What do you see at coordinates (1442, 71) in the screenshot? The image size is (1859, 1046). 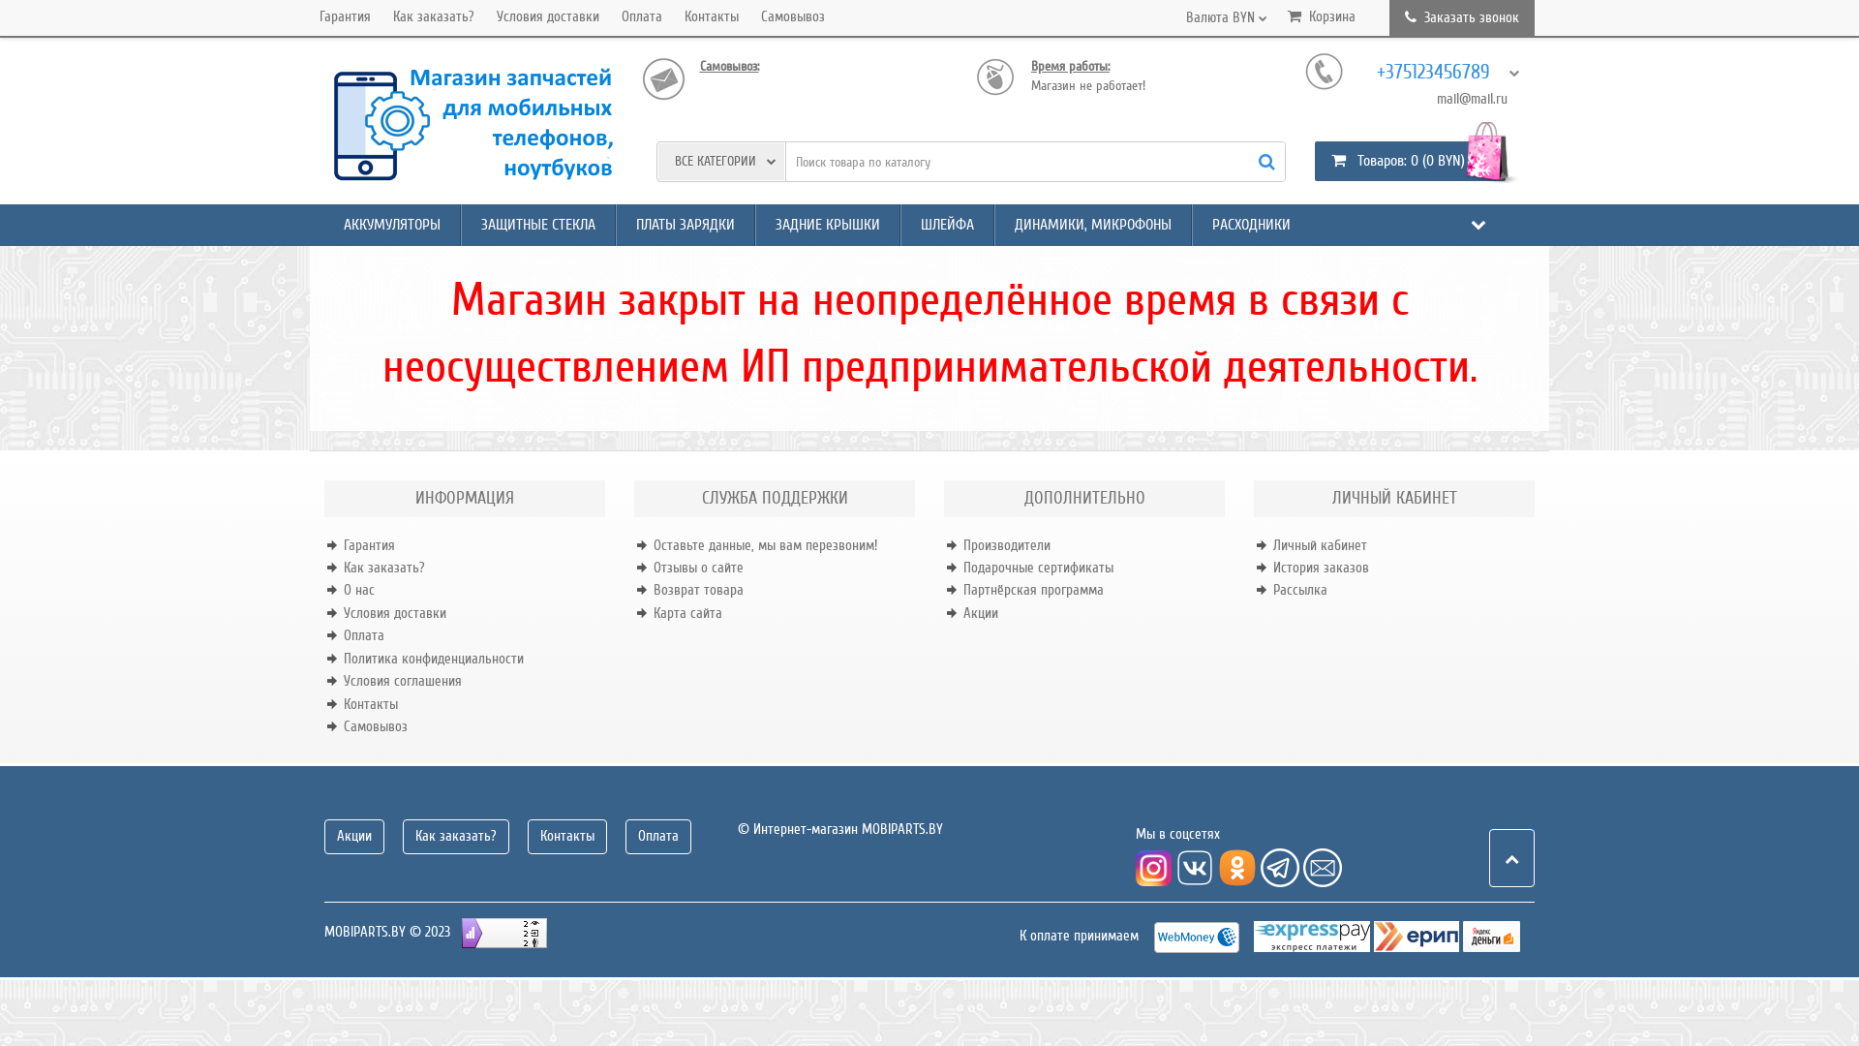 I see `'+375123456789'` at bounding box center [1442, 71].